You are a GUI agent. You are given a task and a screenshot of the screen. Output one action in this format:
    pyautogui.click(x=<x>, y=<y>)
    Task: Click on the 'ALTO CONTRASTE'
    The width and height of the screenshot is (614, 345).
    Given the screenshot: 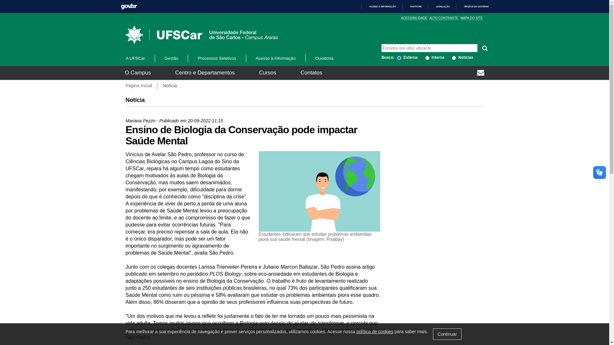 What is the action you would take?
    pyautogui.click(x=443, y=18)
    